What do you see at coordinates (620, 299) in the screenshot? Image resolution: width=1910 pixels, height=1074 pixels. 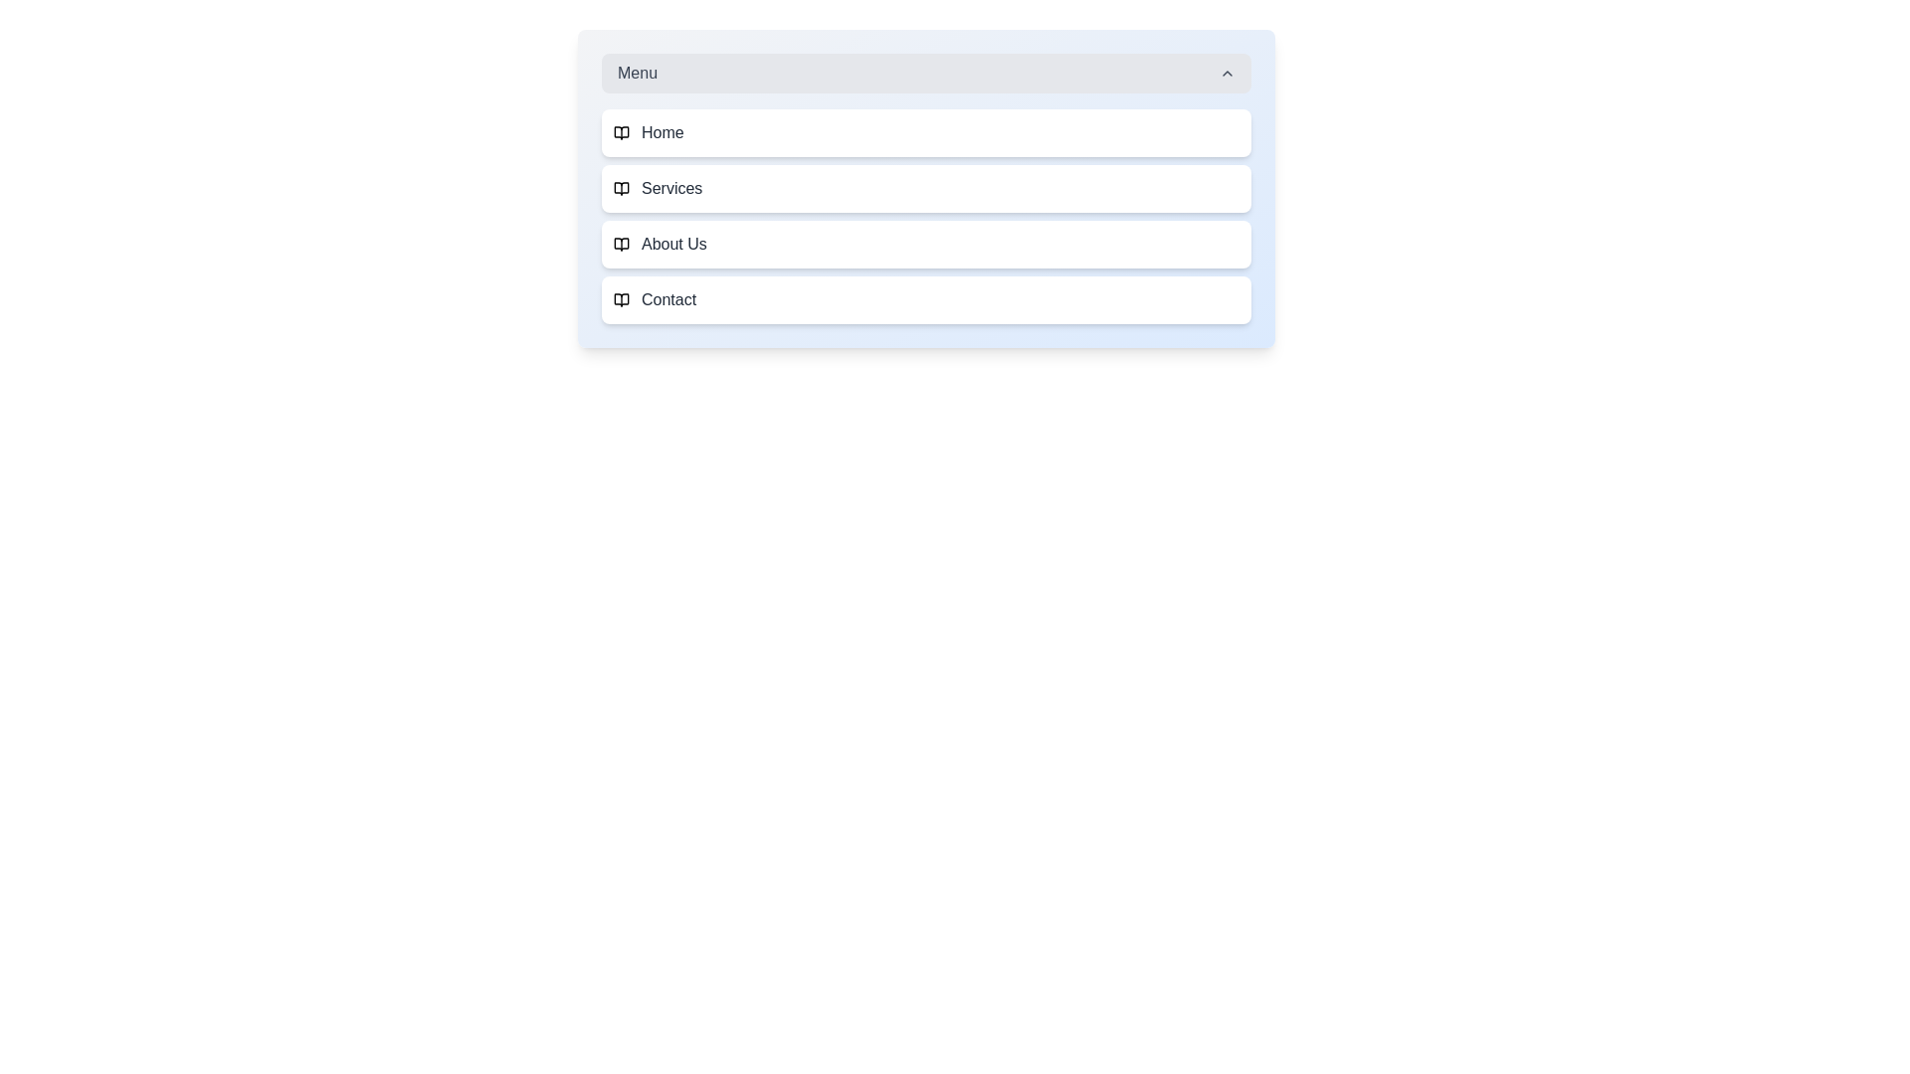 I see `the open book icon located within the 'Contact' menu item, which is positioned to the left of the text label 'Contact.'` at bounding box center [620, 299].